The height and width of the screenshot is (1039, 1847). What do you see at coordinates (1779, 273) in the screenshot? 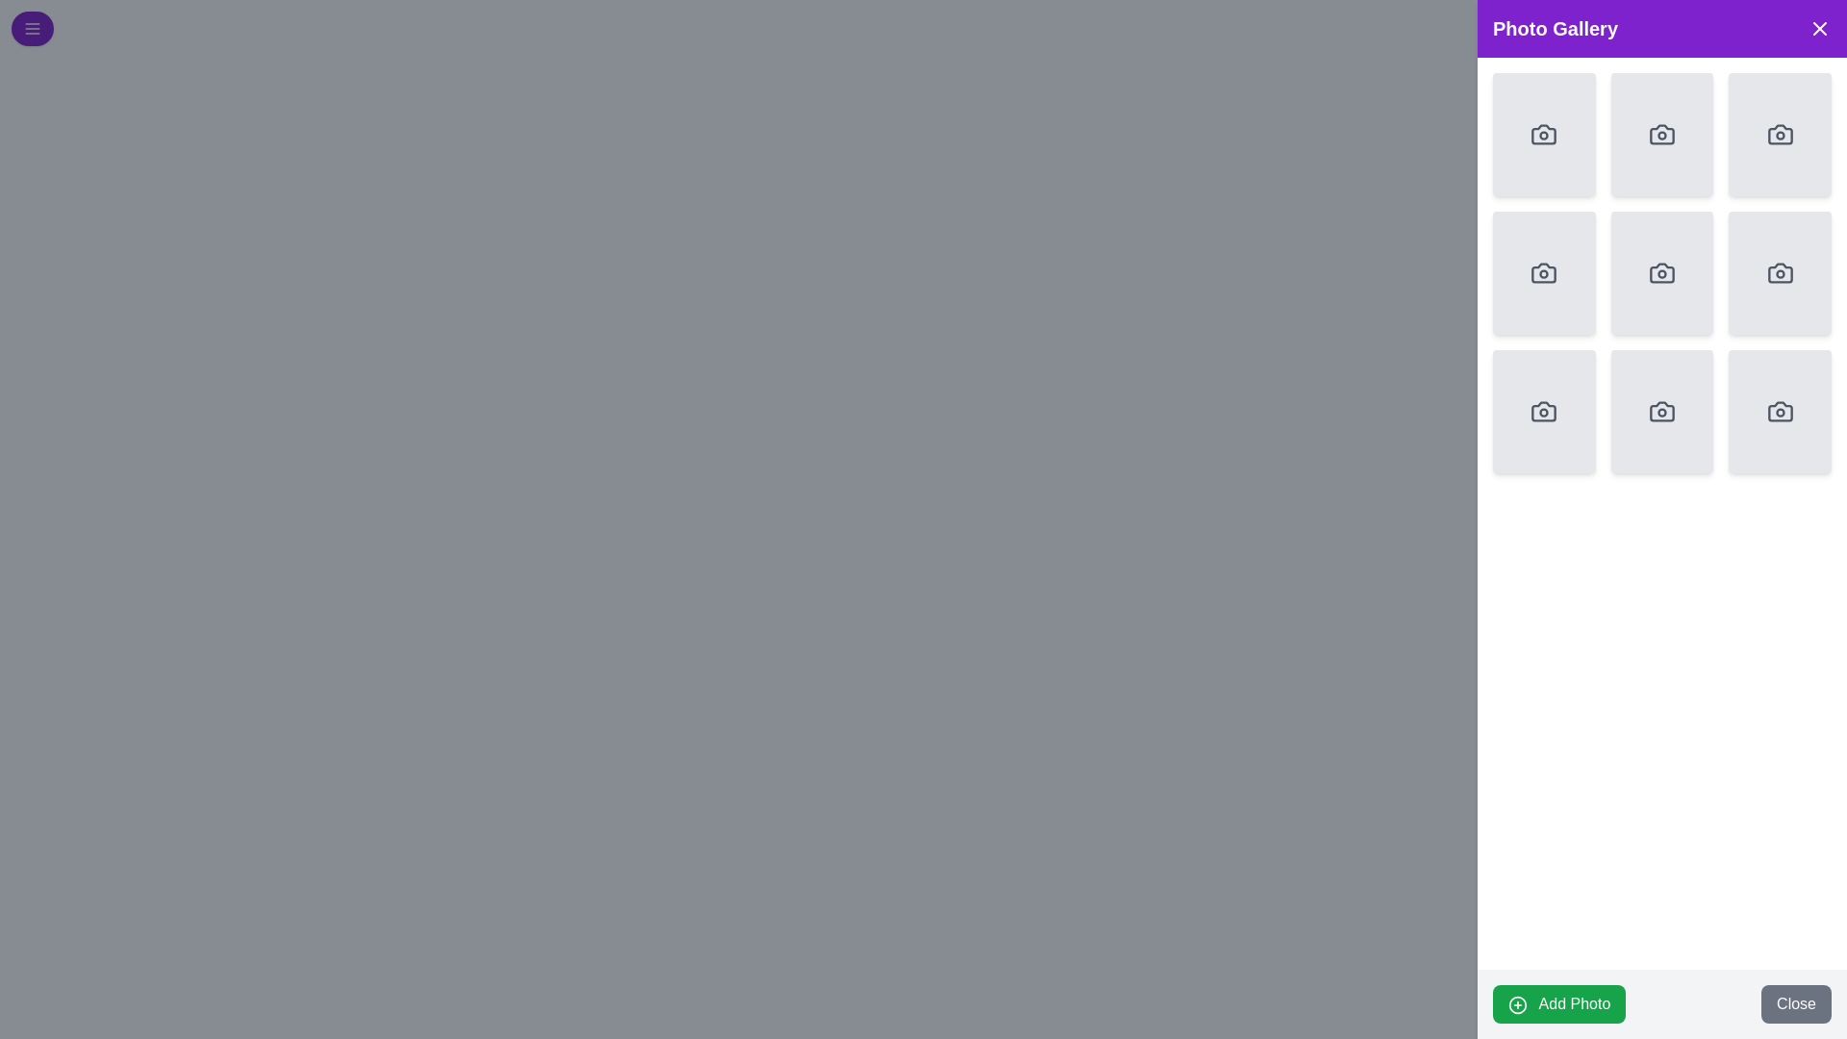
I see `the camera icon located in the third row and third column of the 'Photo Gallery' sidebar` at bounding box center [1779, 273].